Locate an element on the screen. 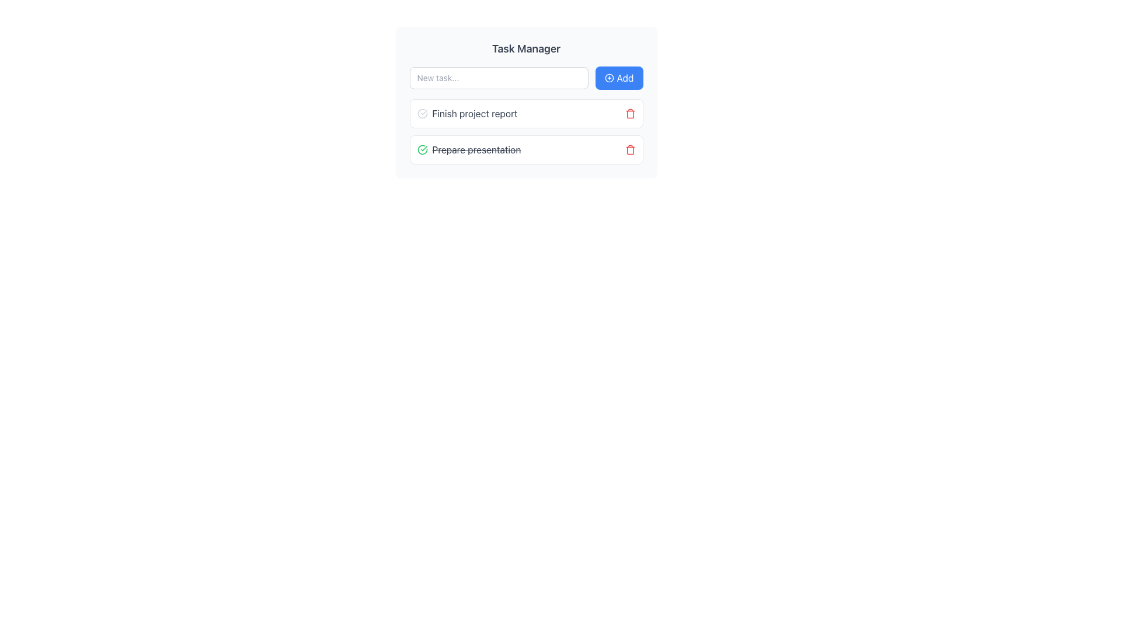  the circular check icon styled in light gray, located to the left of the text 'Finish project report' is located at coordinates (422, 114).